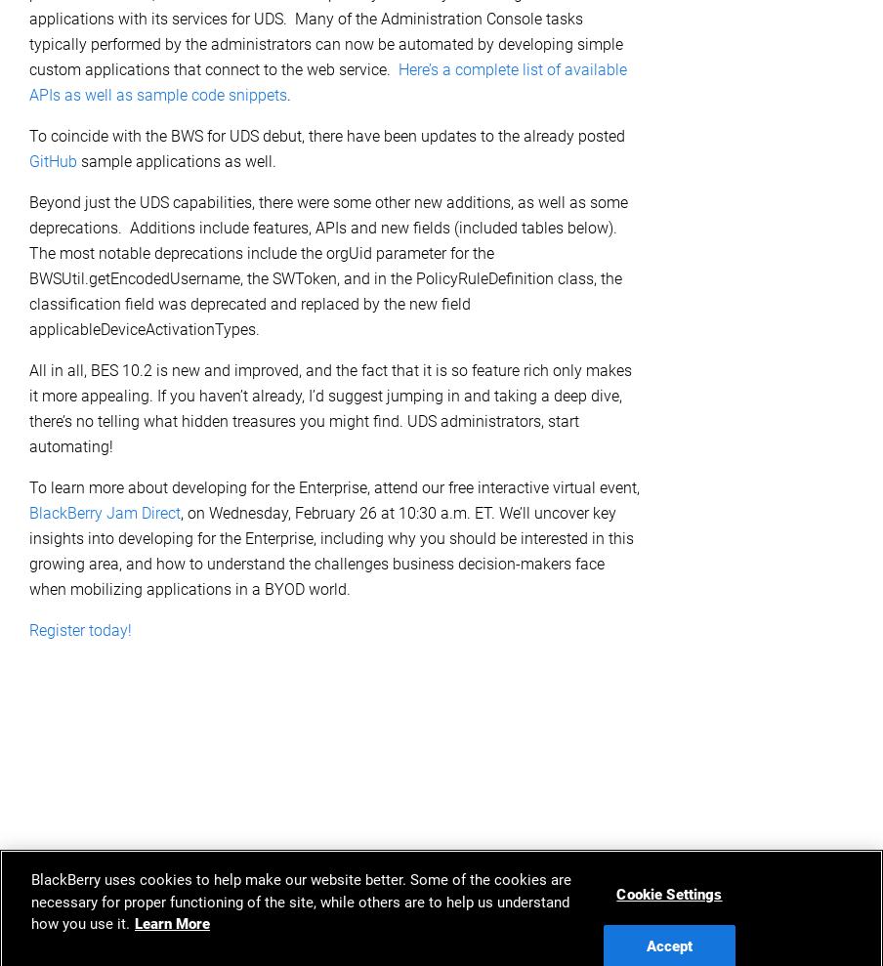 This screenshot has width=883, height=966. Describe the element at coordinates (28, 134) in the screenshot. I see `'To coincide with the BWS for UDS debut, there have been updates to the already posted'` at that location.